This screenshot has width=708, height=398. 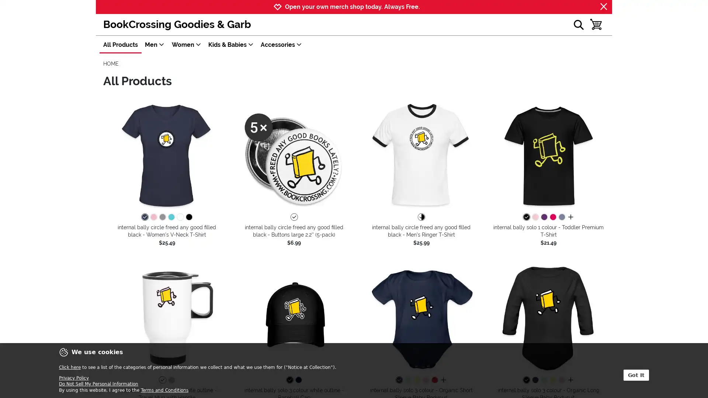 What do you see at coordinates (525, 380) in the screenshot?
I see `black` at bounding box center [525, 380].